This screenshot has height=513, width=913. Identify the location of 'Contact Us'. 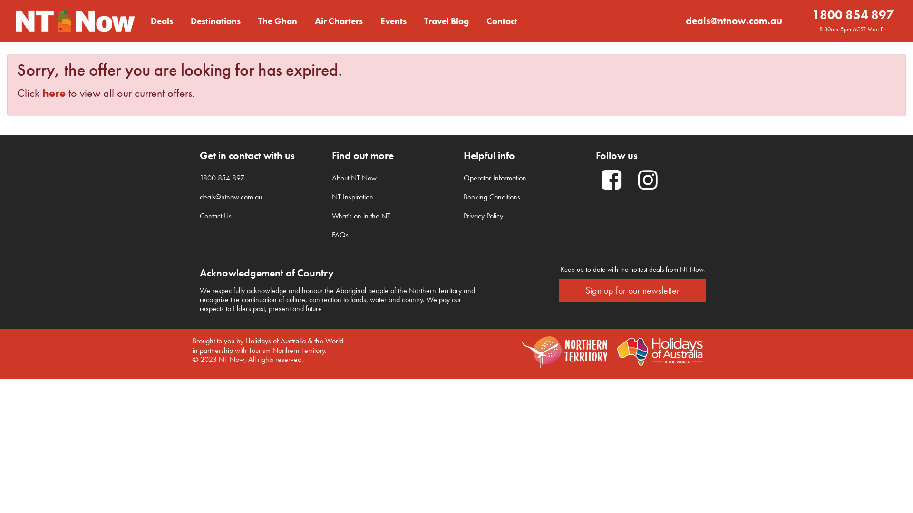
(215, 216).